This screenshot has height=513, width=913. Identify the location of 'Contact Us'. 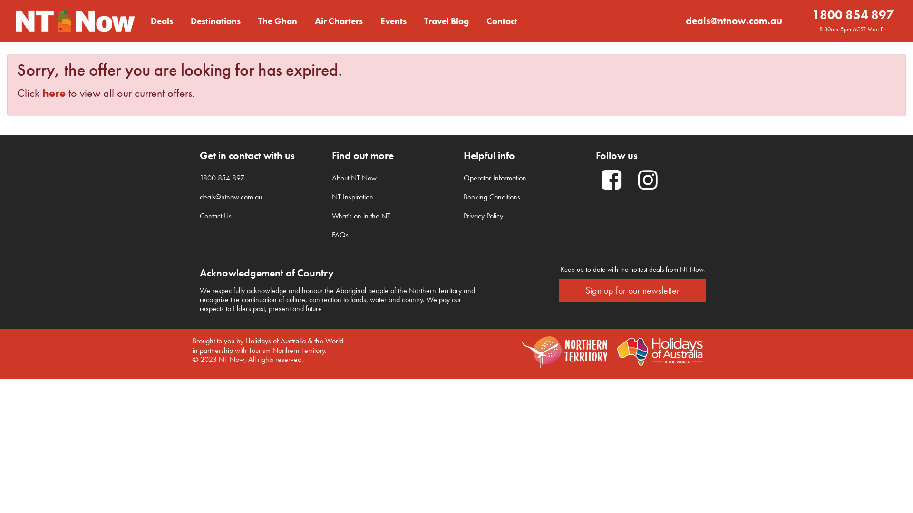
(215, 216).